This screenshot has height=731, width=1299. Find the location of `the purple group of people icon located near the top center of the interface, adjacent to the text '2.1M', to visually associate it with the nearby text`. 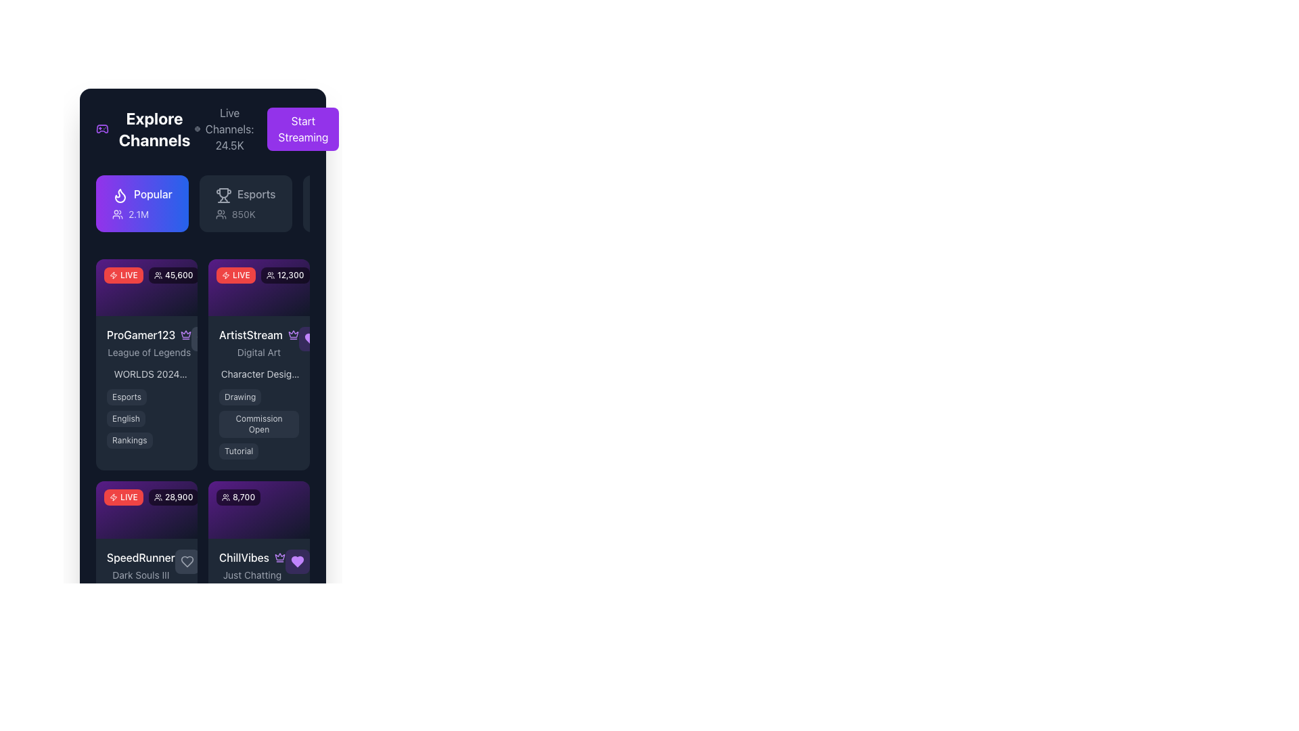

the purple group of people icon located near the top center of the interface, adjacent to the text '2.1M', to visually associate it with the nearby text is located at coordinates (117, 213).